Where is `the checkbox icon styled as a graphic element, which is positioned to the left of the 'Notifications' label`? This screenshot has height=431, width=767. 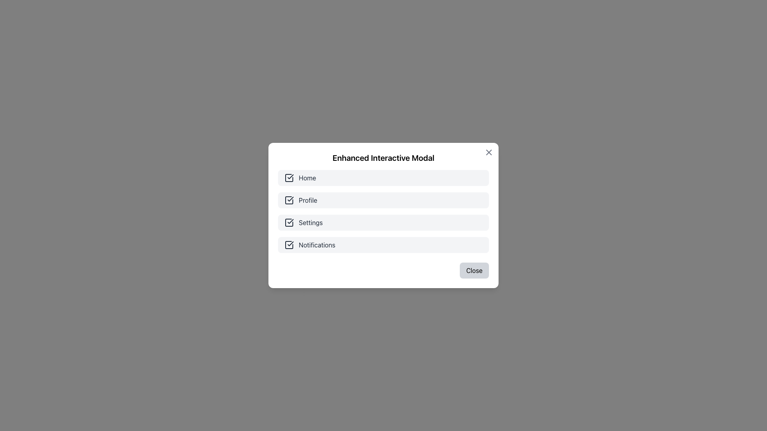 the checkbox icon styled as a graphic element, which is positioned to the left of the 'Notifications' label is located at coordinates (289, 244).